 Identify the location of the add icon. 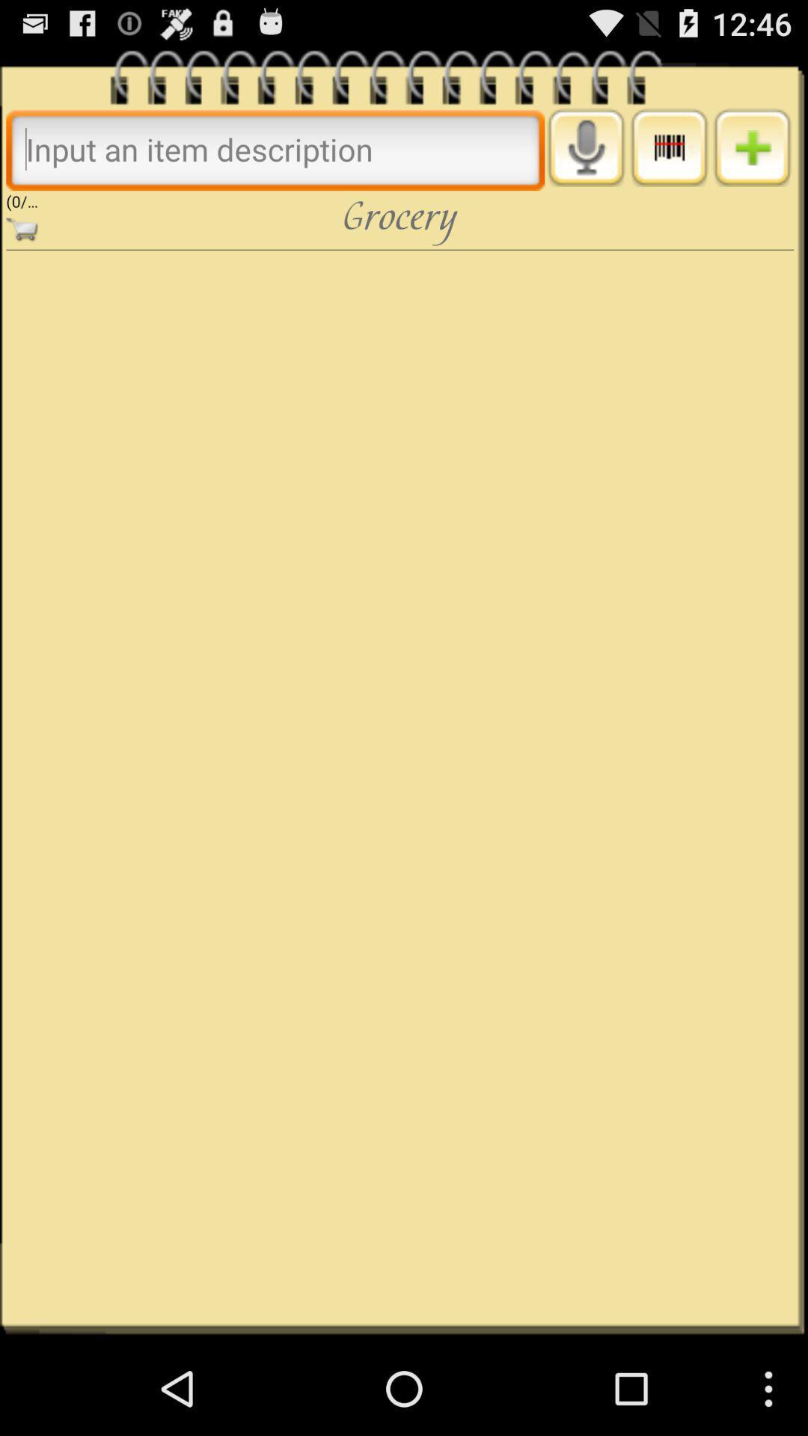
(752, 158).